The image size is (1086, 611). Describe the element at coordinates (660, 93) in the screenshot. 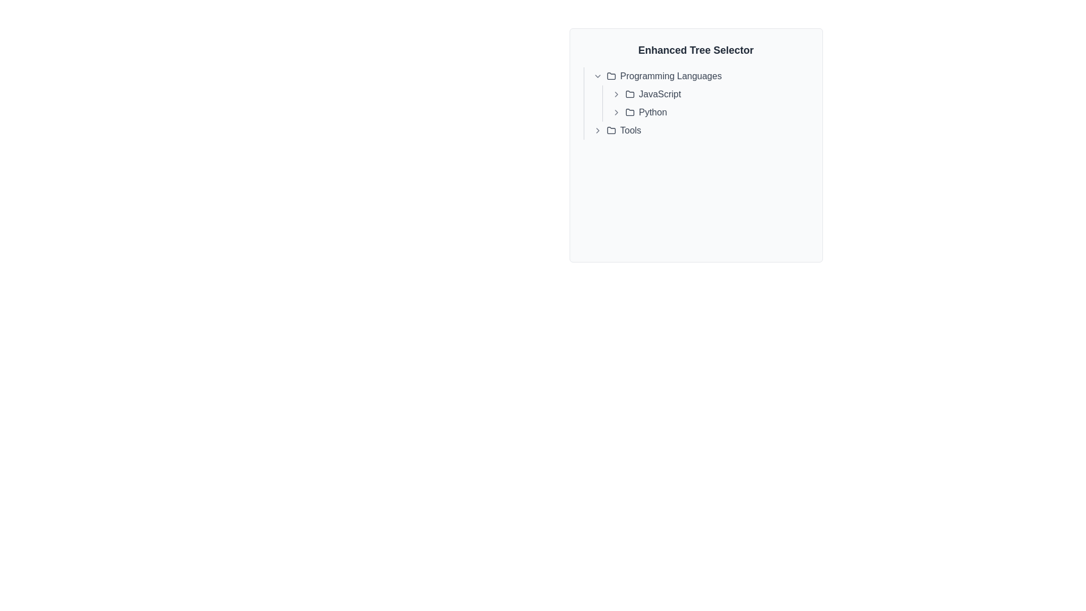

I see `the text label reading 'JavaScript'` at that location.